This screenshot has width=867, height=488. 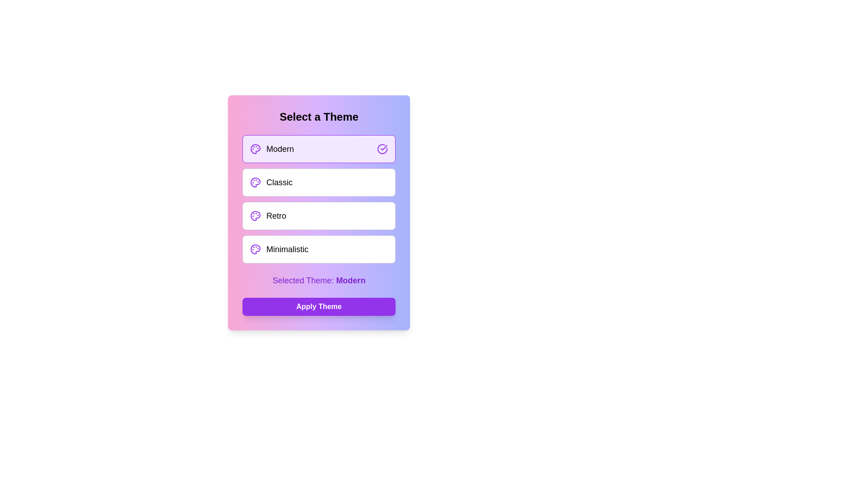 I want to click on the 'Retro' option, which is the third item in a vertically aligned list of themes, so click(x=268, y=216).